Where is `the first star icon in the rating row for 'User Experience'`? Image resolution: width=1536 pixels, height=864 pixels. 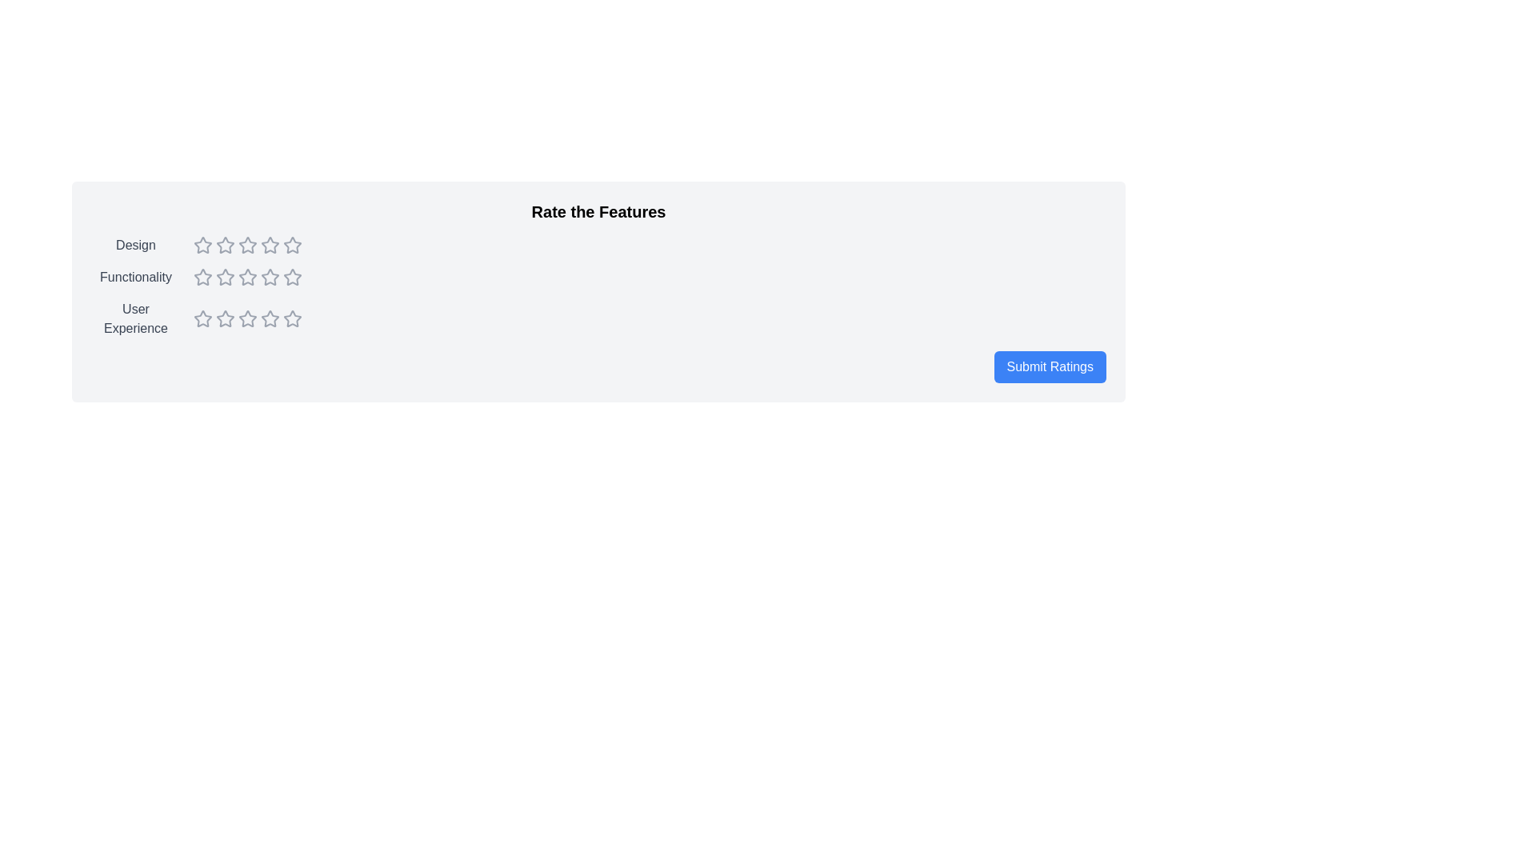
the first star icon in the rating row for 'User Experience' is located at coordinates (202, 318).